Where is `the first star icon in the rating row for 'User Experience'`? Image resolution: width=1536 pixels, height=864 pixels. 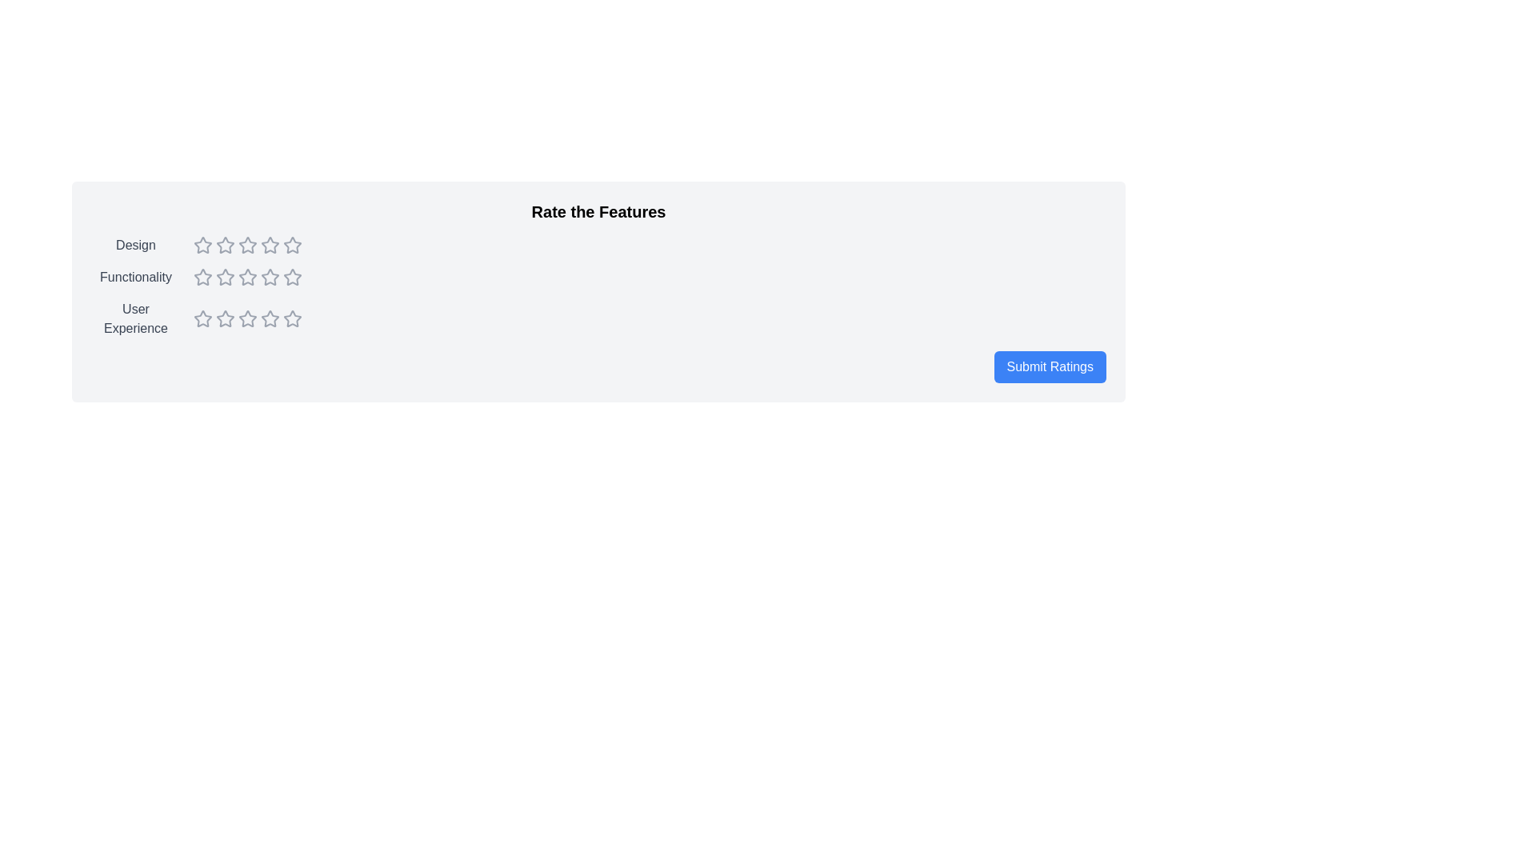
the first star icon in the rating row for 'User Experience' is located at coordinates (202, 318).